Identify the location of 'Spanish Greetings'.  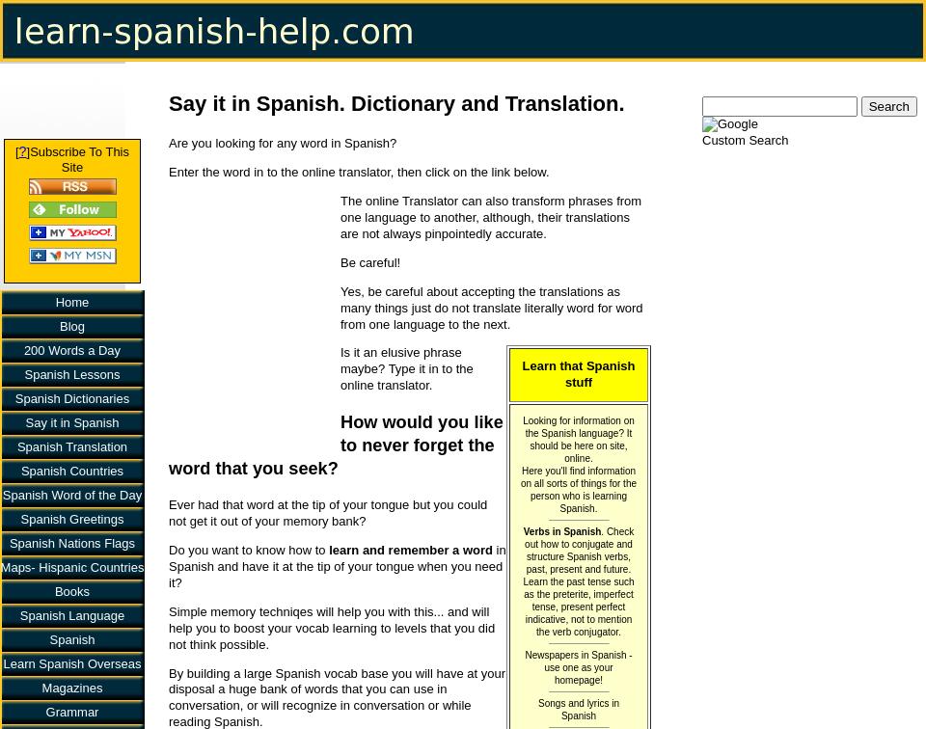
(71, 518).